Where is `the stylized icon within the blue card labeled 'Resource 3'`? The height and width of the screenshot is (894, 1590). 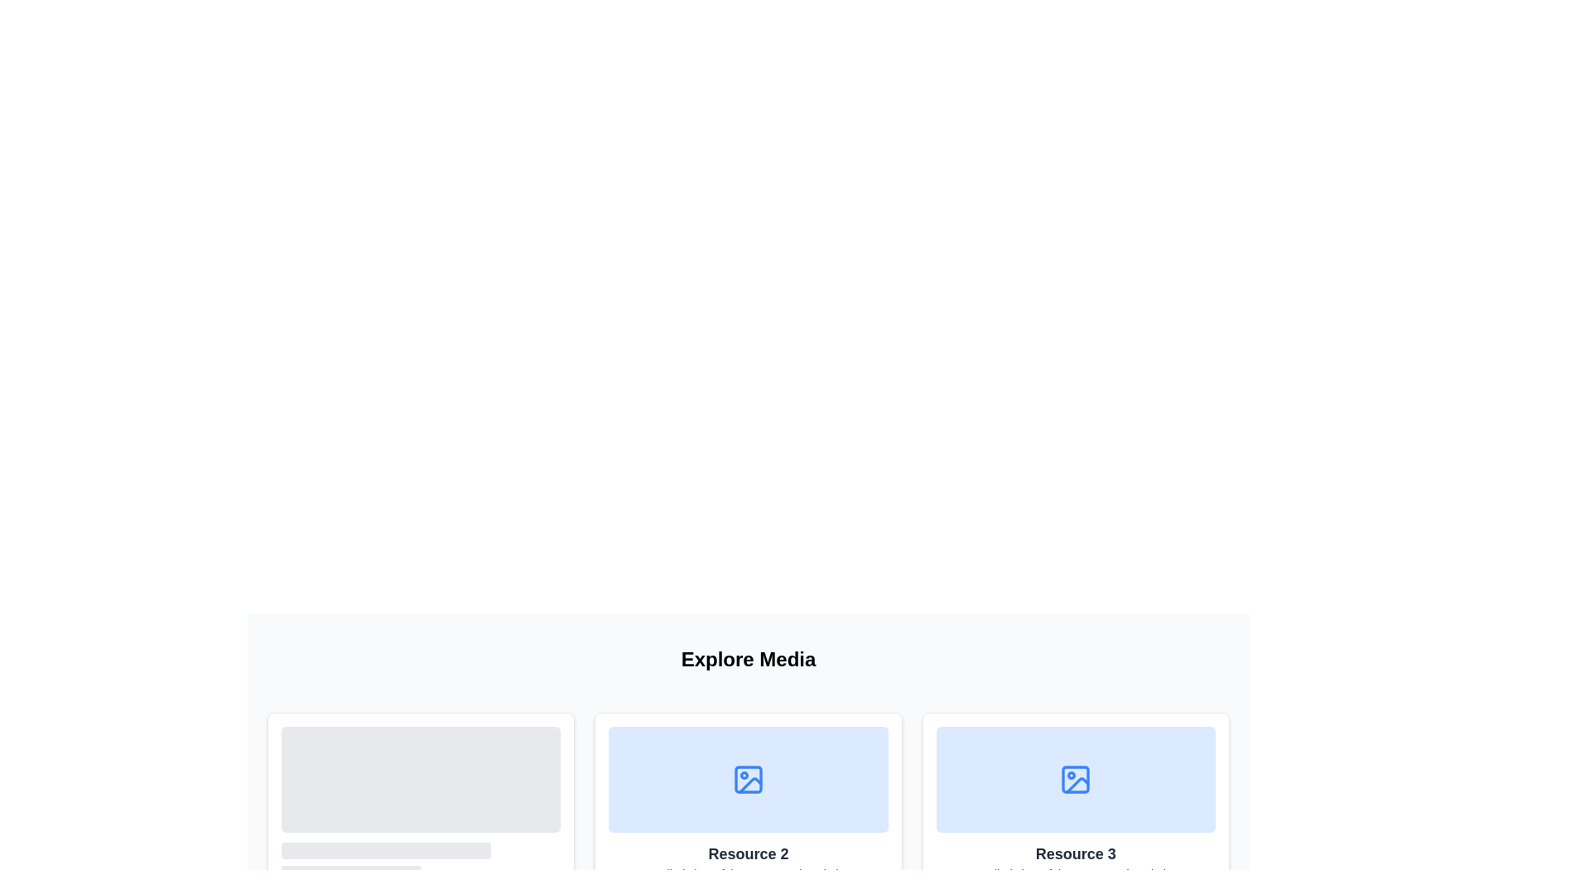 the stylized icon within the blue card labeled 'Resource 3' is located at coordinates (1076, 779).